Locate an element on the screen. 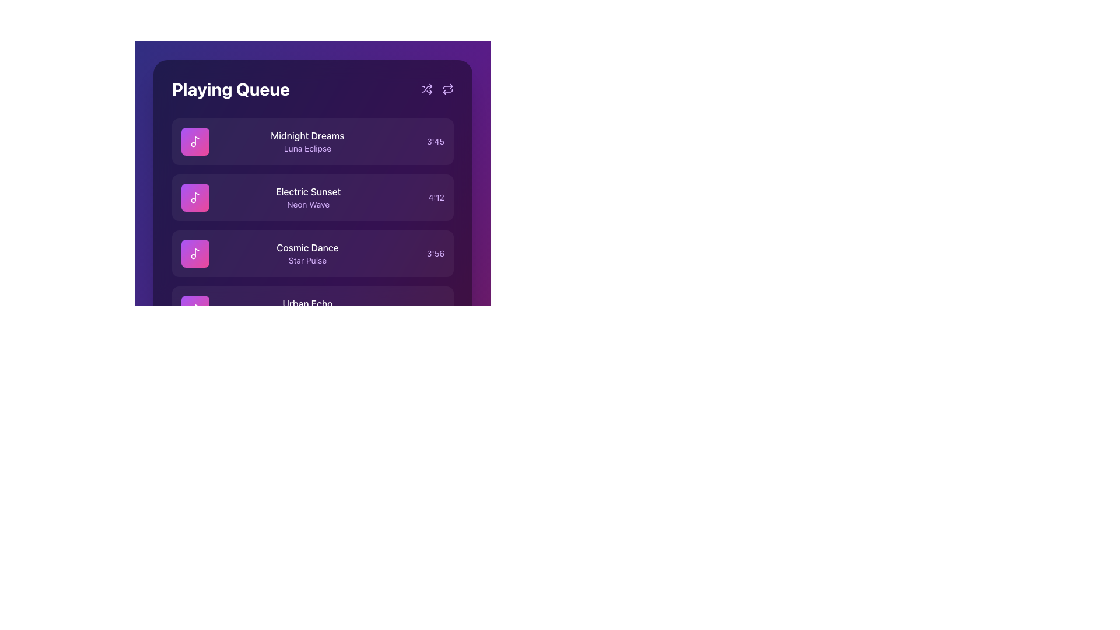 Image resolution: width=1120 pixels, height=630 pixels. the song entry text display for 'Urban Echo' in the playlist, which is the fourth entry from the top is located at coordinates (307, 309).